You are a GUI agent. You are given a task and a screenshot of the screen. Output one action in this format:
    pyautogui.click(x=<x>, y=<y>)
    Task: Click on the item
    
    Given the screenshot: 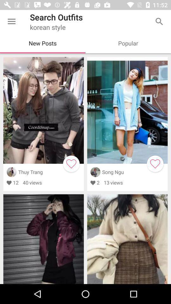 What is the action you would take?
    pyautogui.click(x=71, y=163)
    